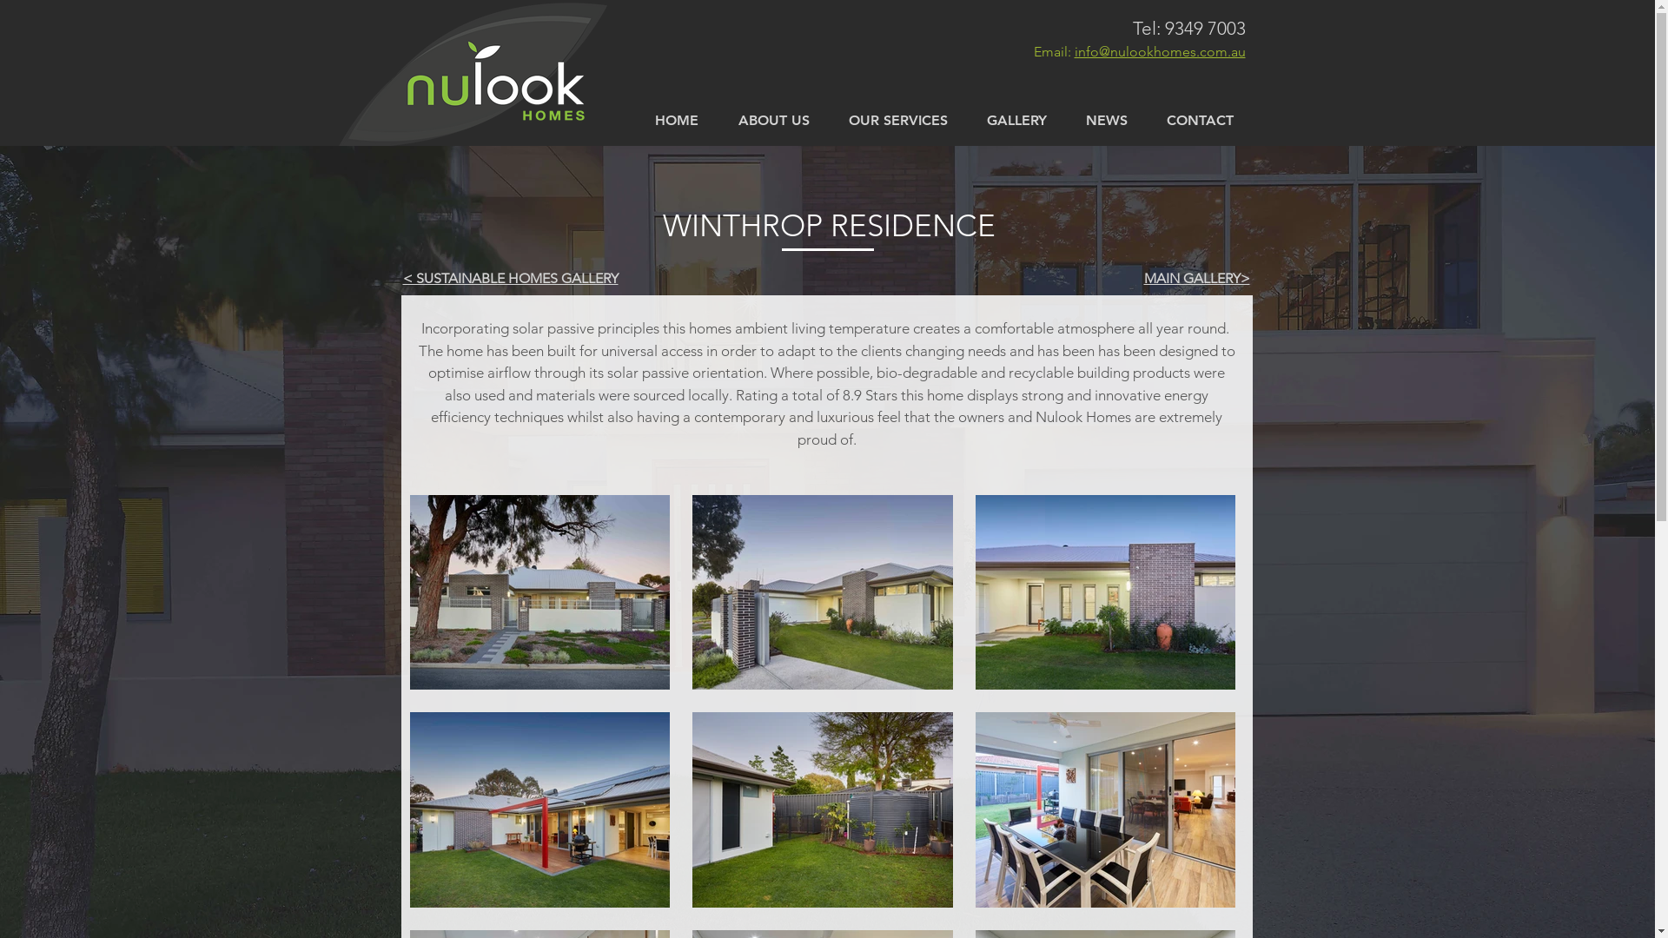 The image size is (1668, 938). Describe the element at coordinates (771, 119) in the screenshot. I see `'ABOUT US'` at that location.